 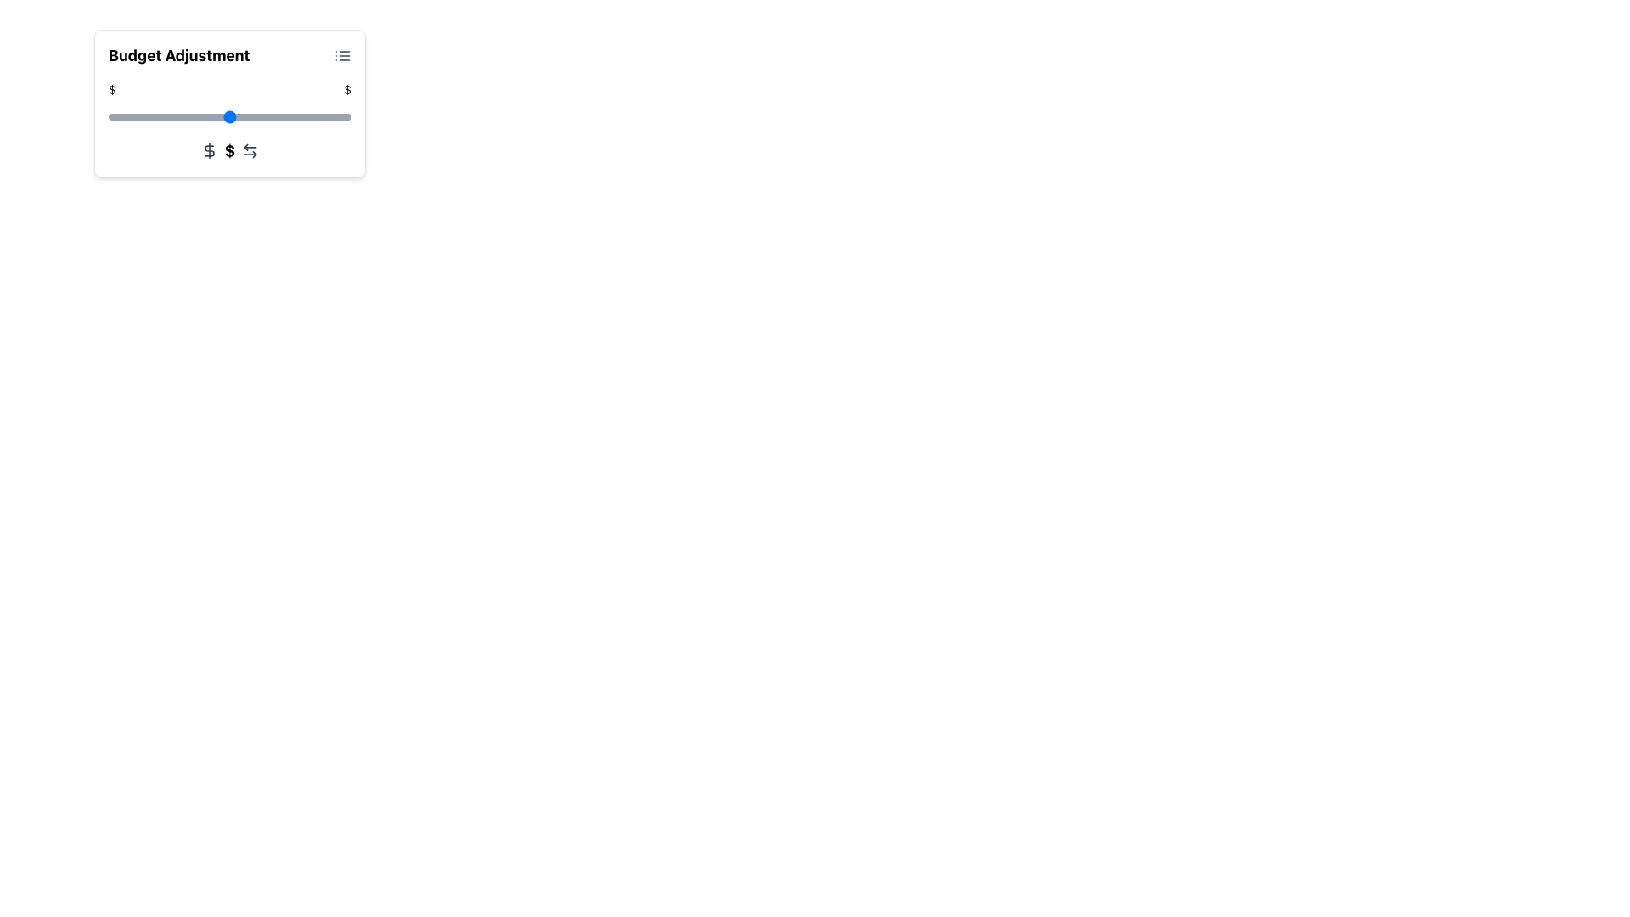 I want to click on the 'Budget Adjustment' header section, so click(x=228, y=54).